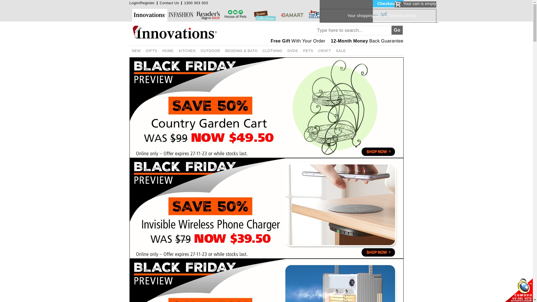  Describe the element at coordinates (210, 51) in the screenshot. I see `'OUTDOOR'` at that location.